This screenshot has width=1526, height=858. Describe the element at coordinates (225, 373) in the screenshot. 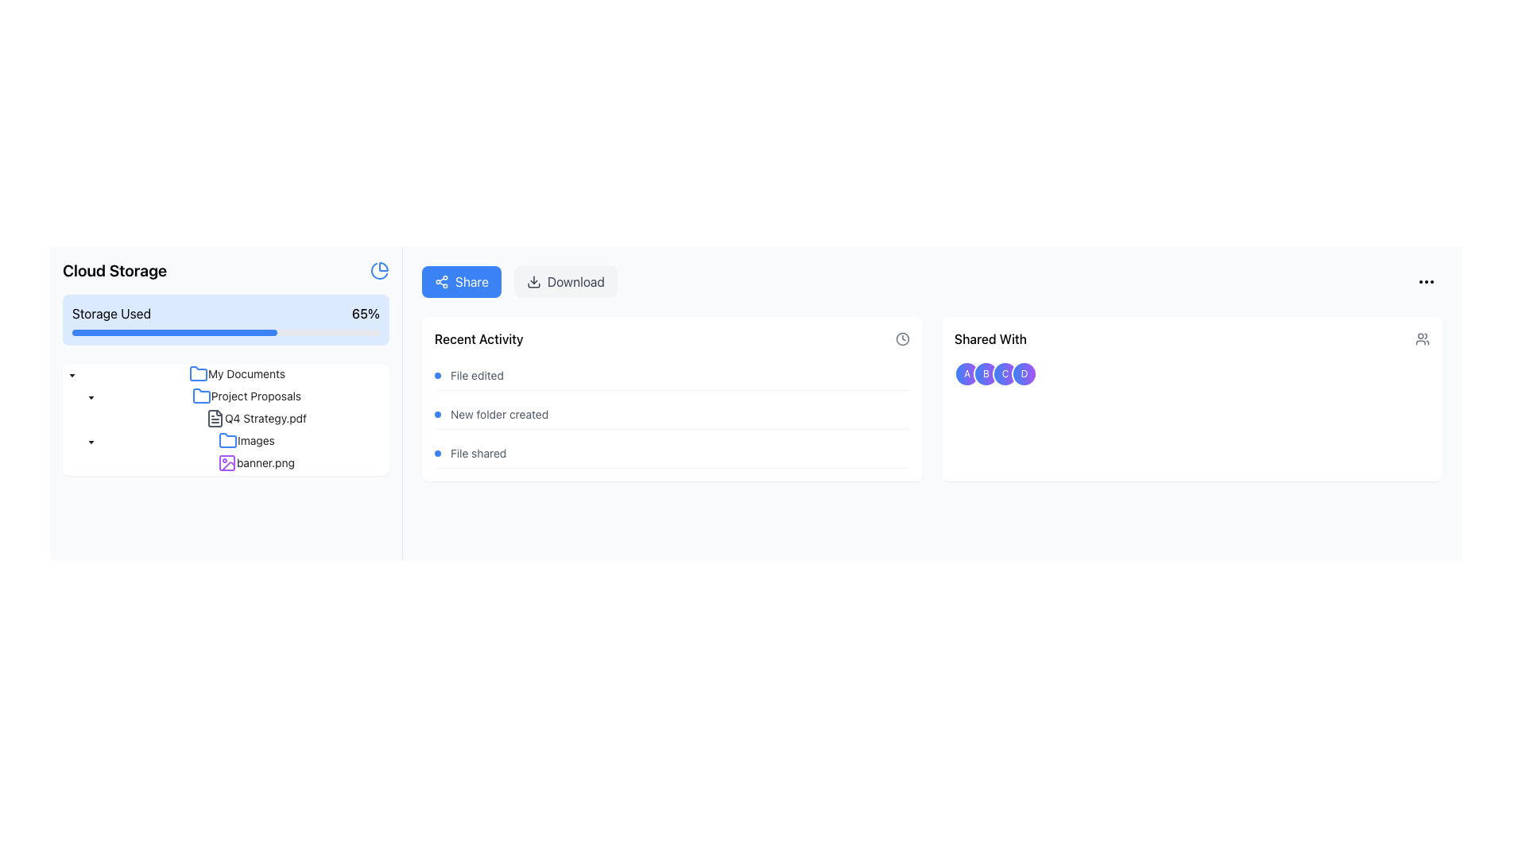

I see `the Tree item or folder node in the 'Cloud Storage' widget` at that location.